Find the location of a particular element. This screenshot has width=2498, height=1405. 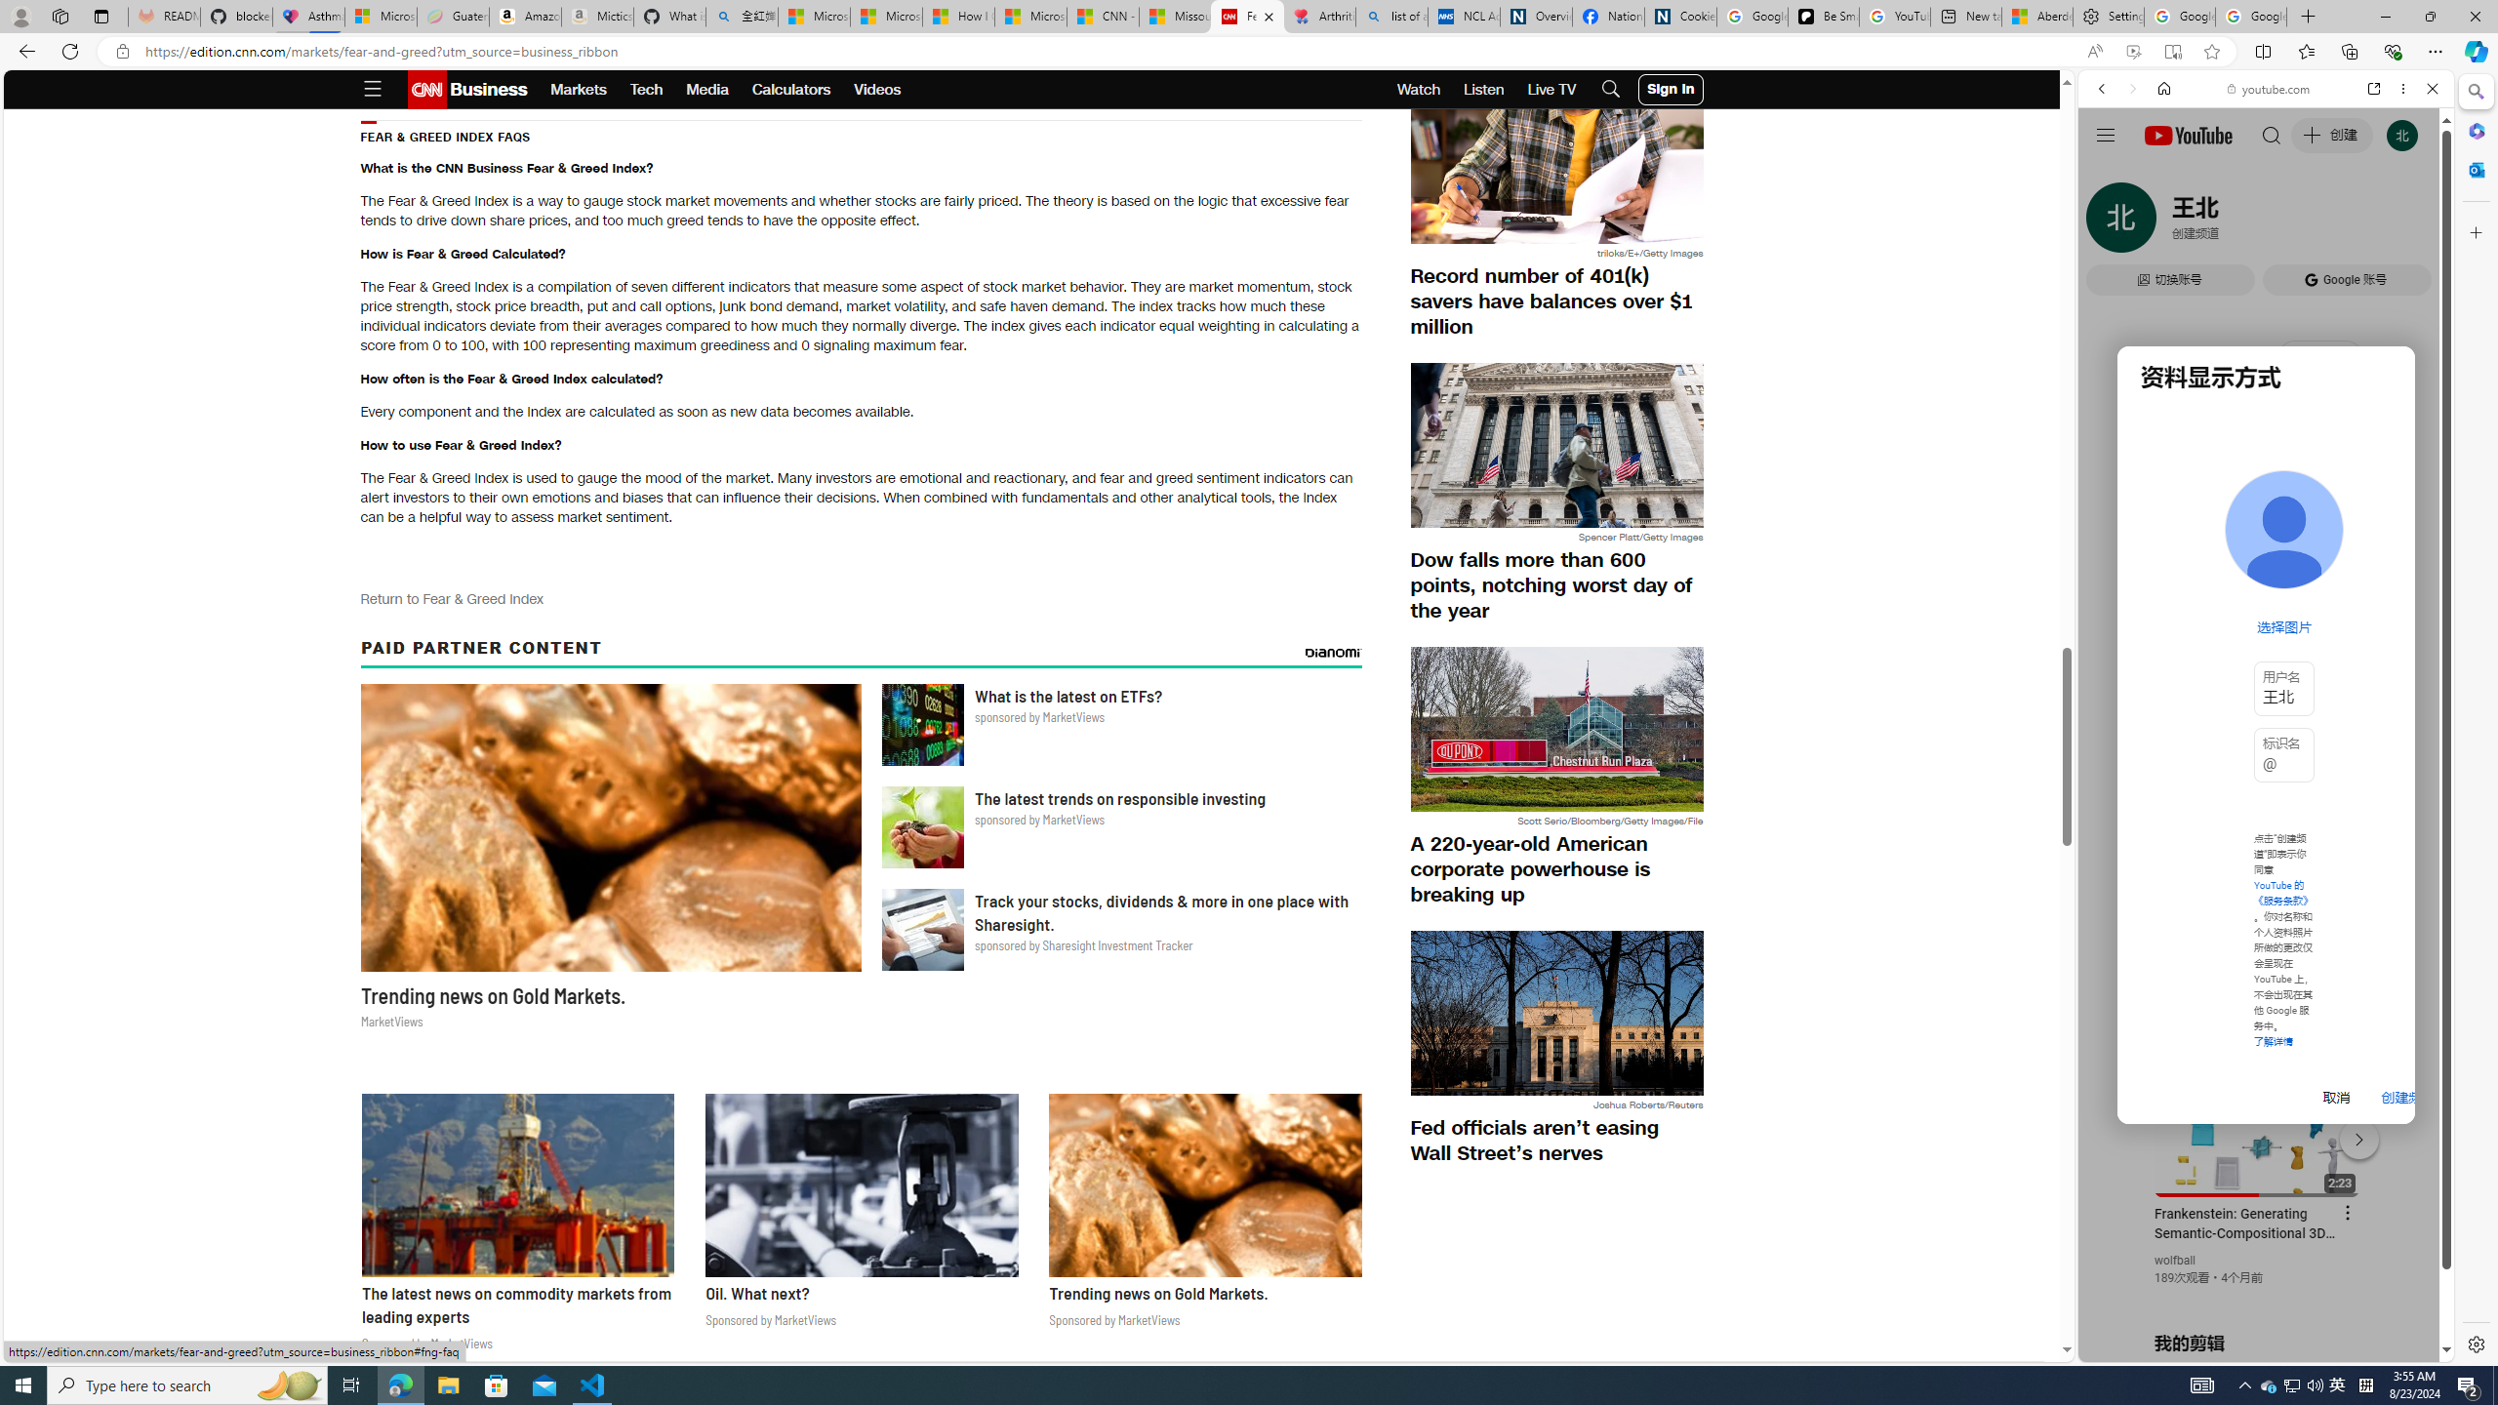

'Business' is located at coordinates (486, 89).